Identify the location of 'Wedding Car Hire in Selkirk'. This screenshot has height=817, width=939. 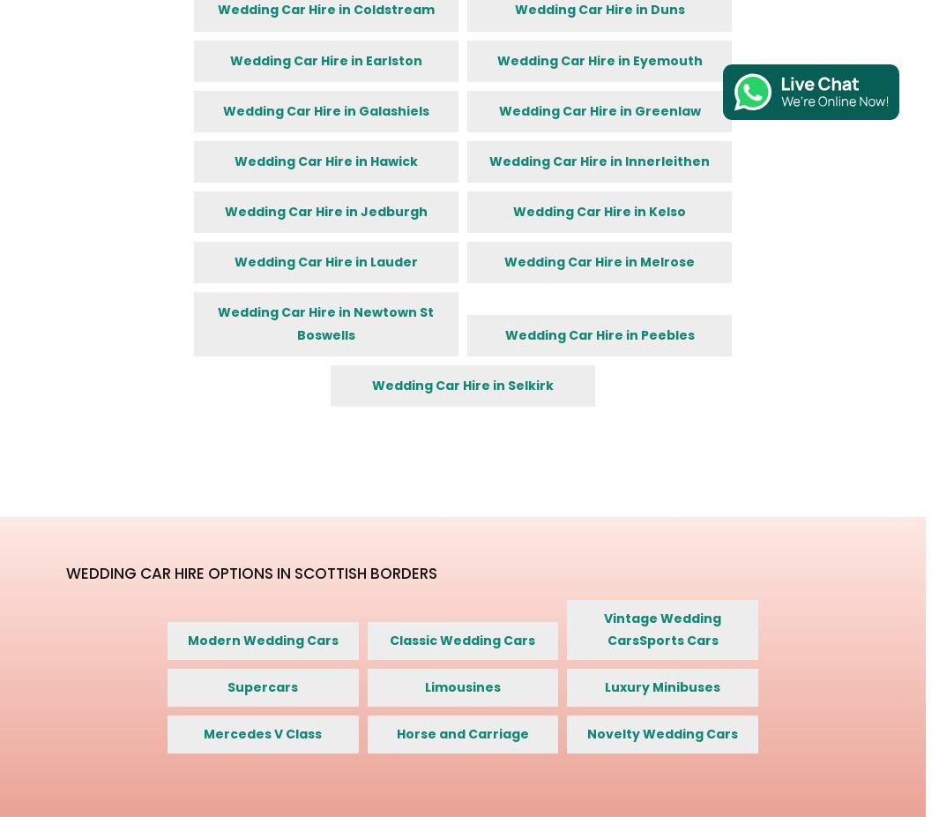
(462, 384).